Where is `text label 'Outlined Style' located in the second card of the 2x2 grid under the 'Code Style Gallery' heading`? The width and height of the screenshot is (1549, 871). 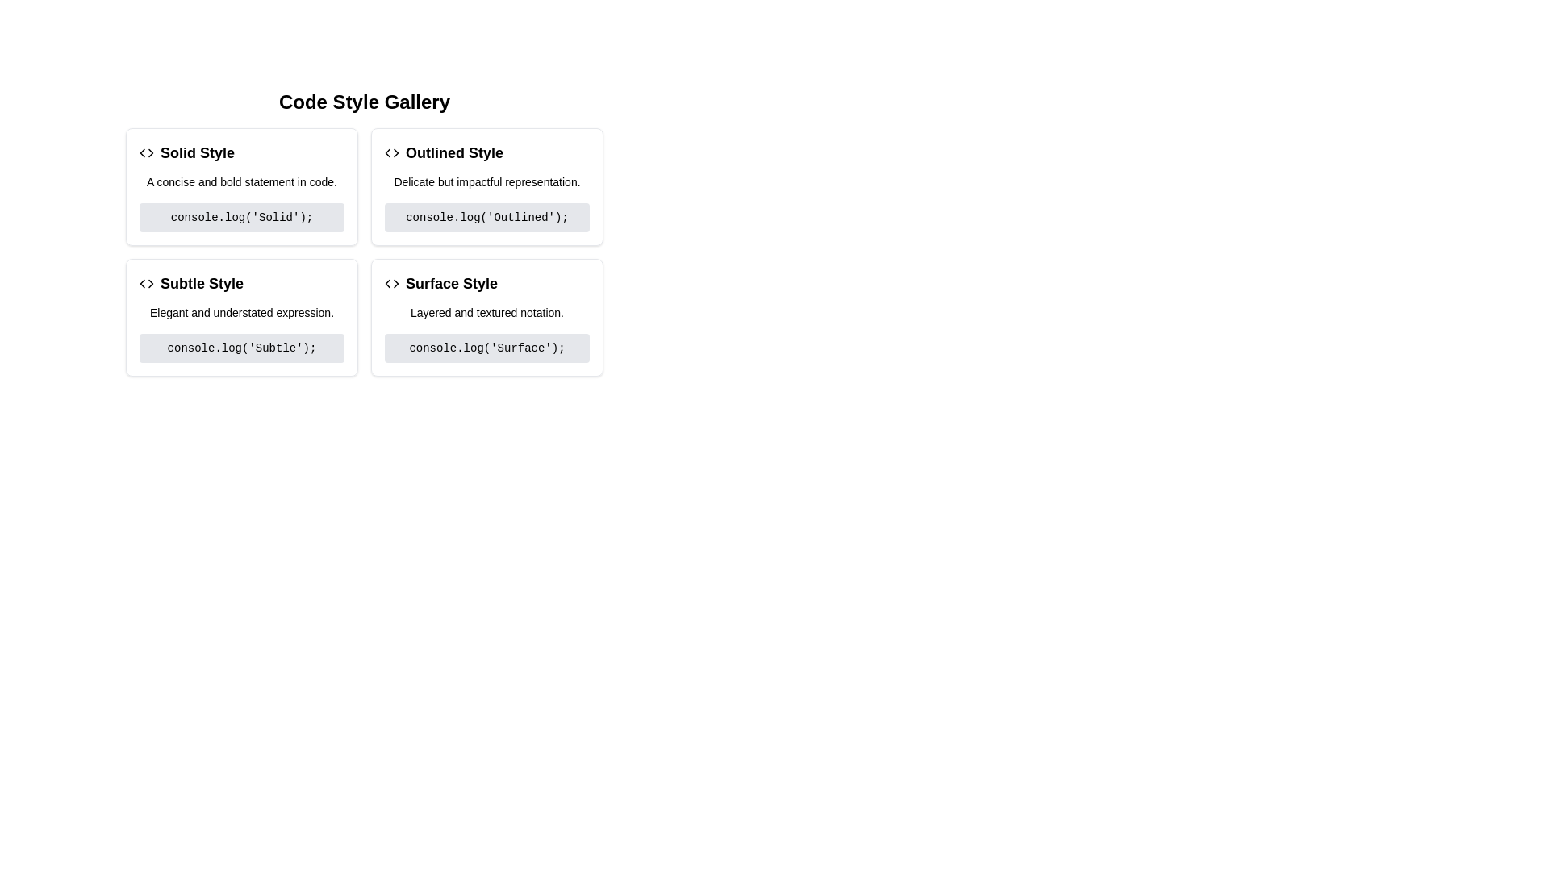 text label 'Outlined Style' located in the second card of the 2x2 grid under the 'Code Style Gallery' heading is located at coordinates (453, 152).